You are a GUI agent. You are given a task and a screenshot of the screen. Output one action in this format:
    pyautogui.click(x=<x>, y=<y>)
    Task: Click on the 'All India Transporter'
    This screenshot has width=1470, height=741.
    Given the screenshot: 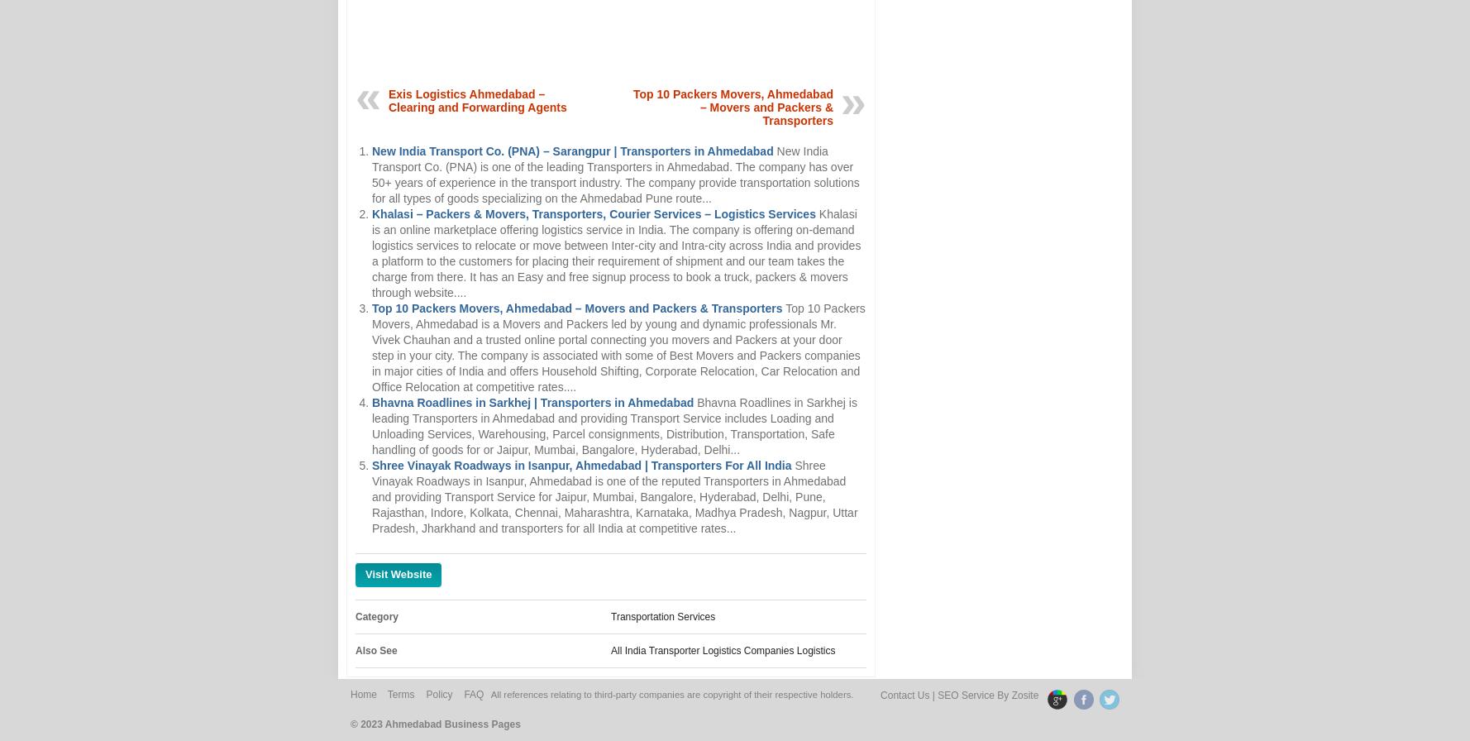 What is the action you would take?
    pyautogui.click(x=655, y=650)
    